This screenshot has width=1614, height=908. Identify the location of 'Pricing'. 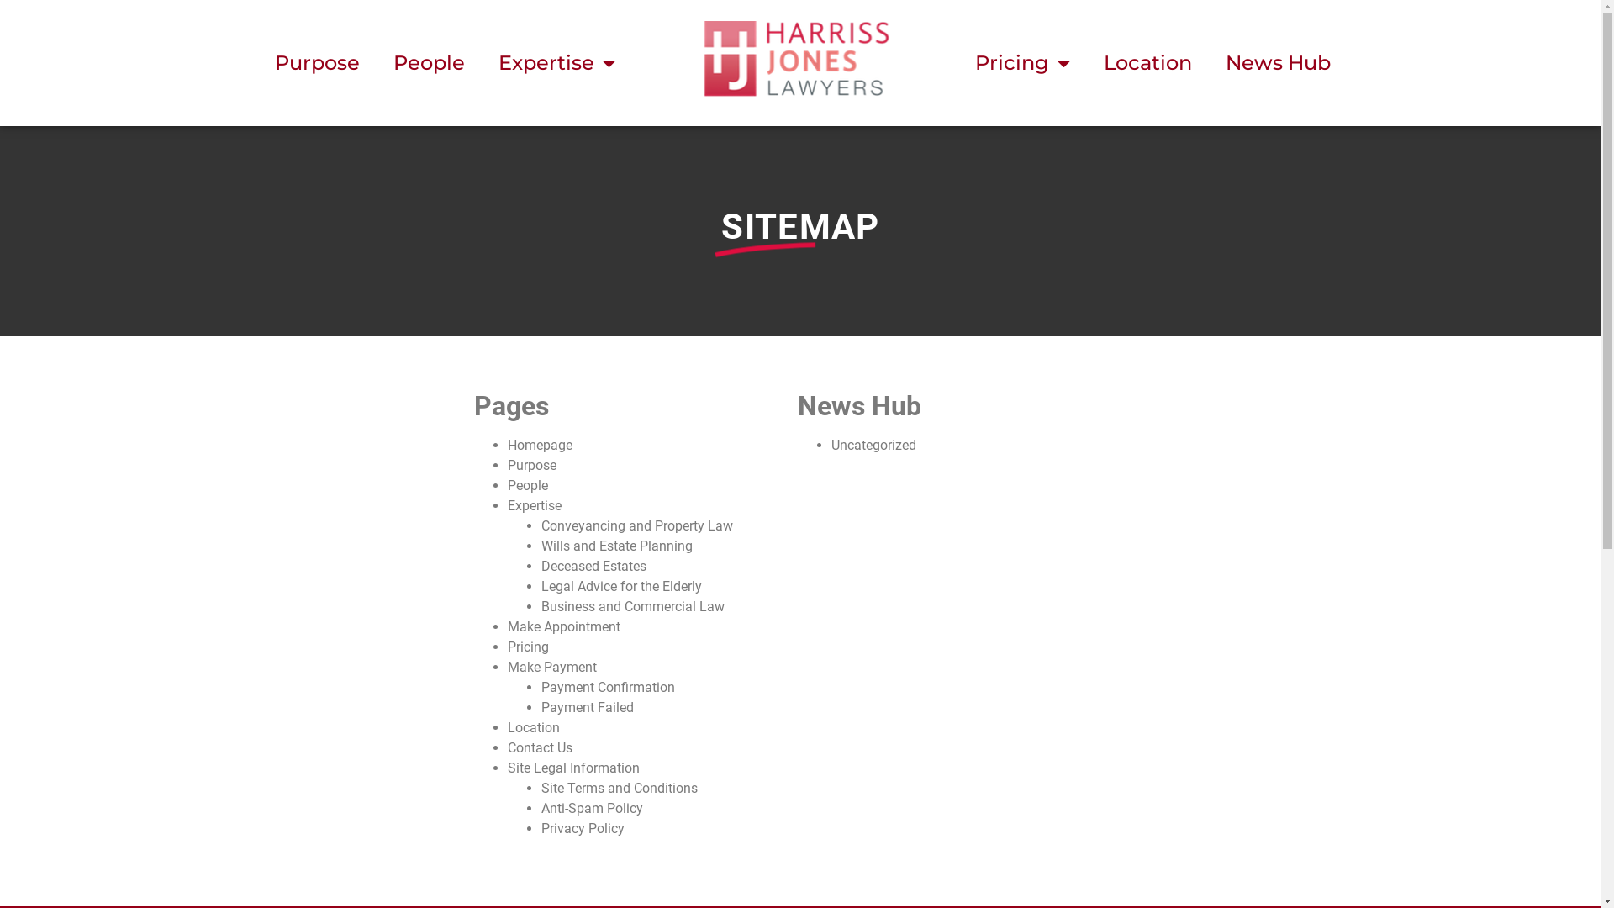
(1021, 61).